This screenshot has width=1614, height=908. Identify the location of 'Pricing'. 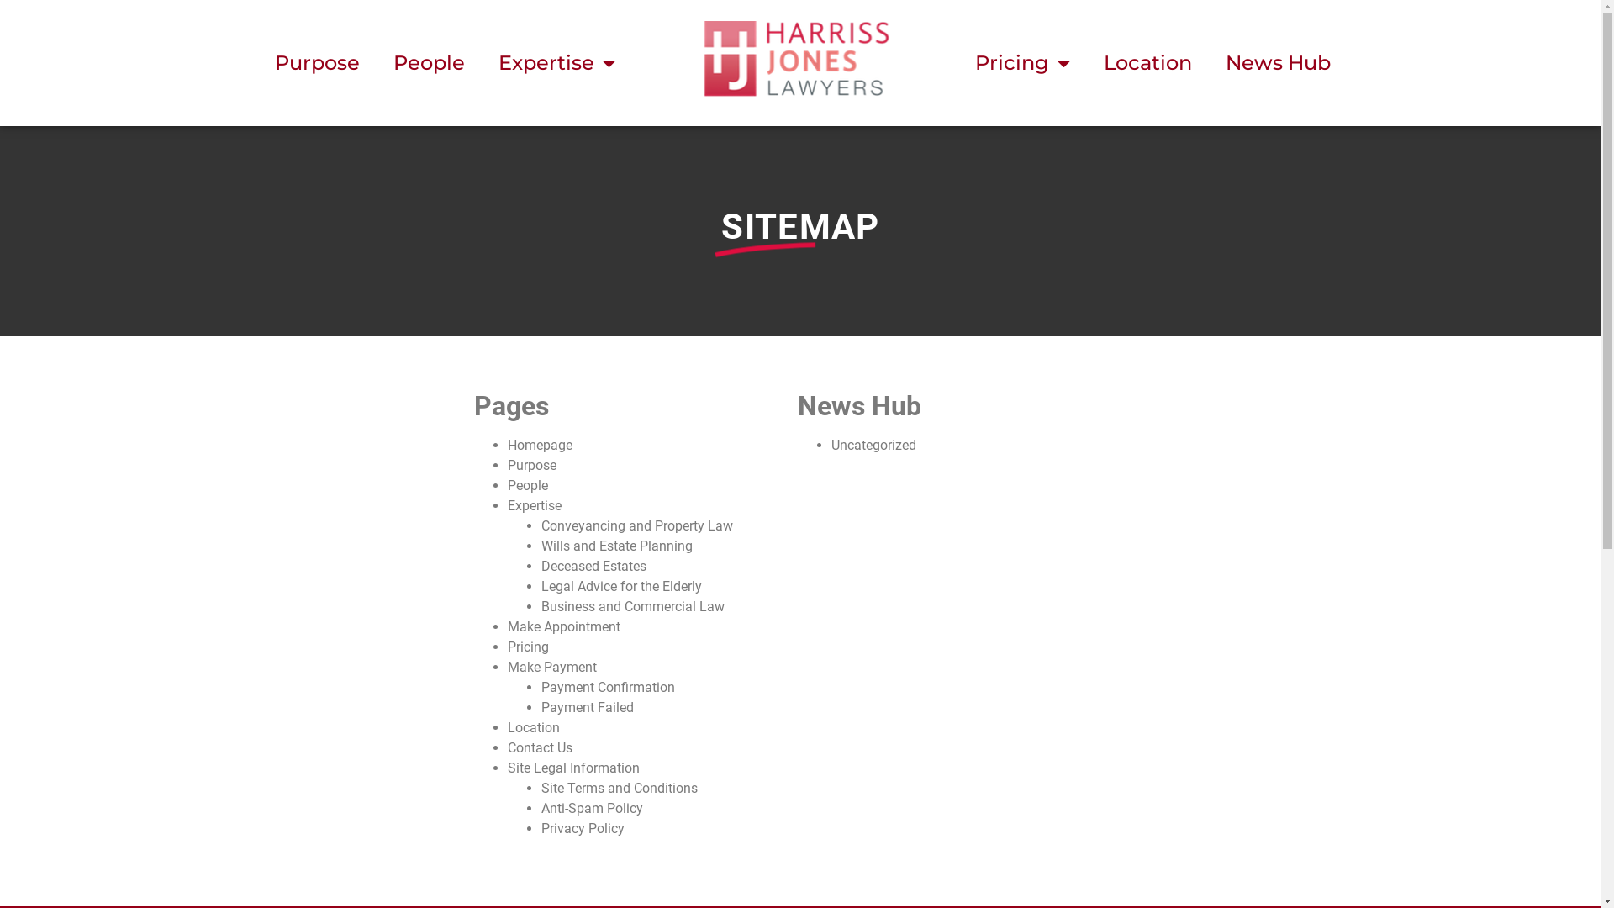
(1021, 61).